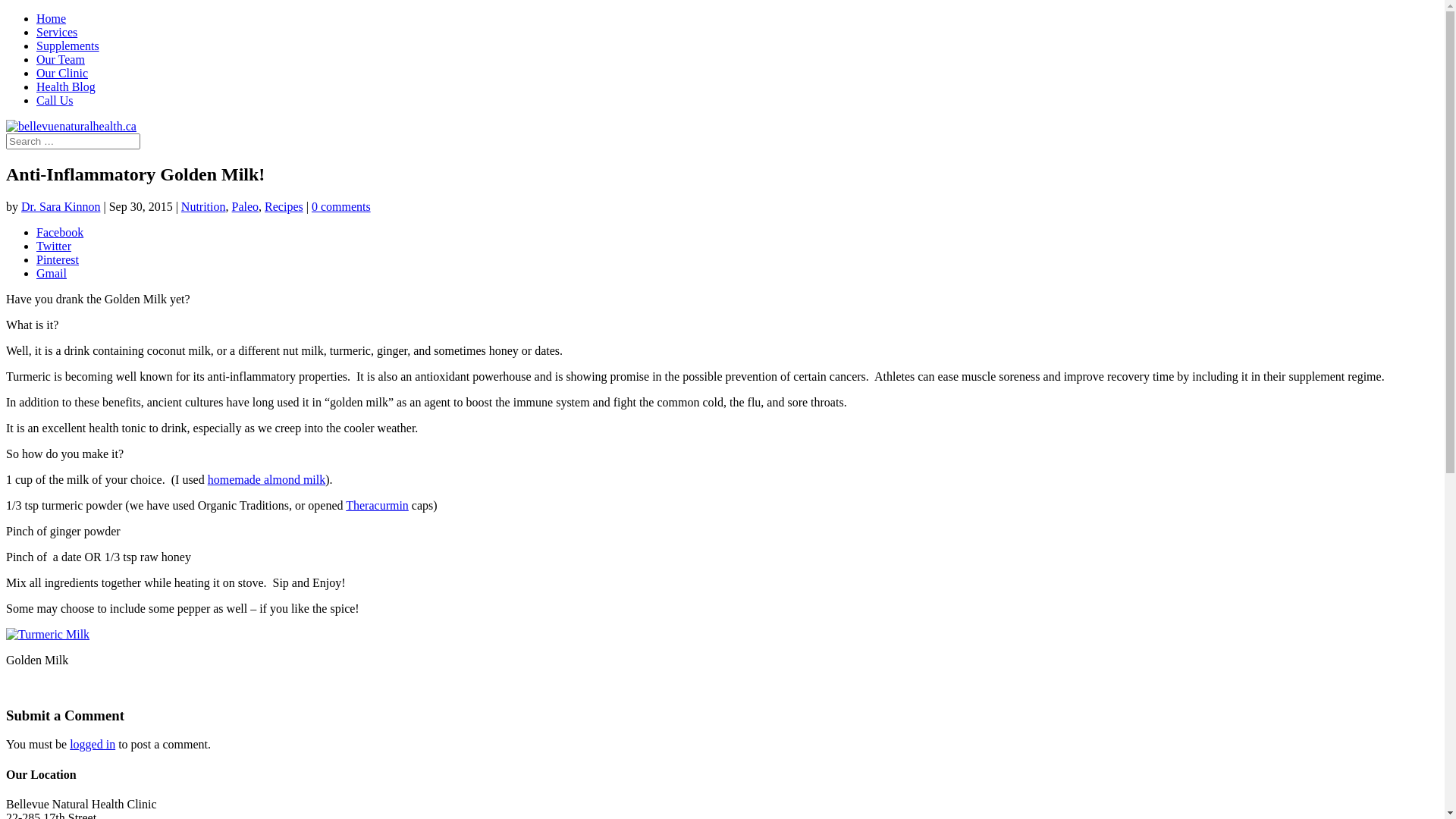 The height and width of the screenshot is (819, 1456). What do you see at coordinates (64, 86) in the screenshot?
I see `'Health Blog'` at bounding box center [64, 86].